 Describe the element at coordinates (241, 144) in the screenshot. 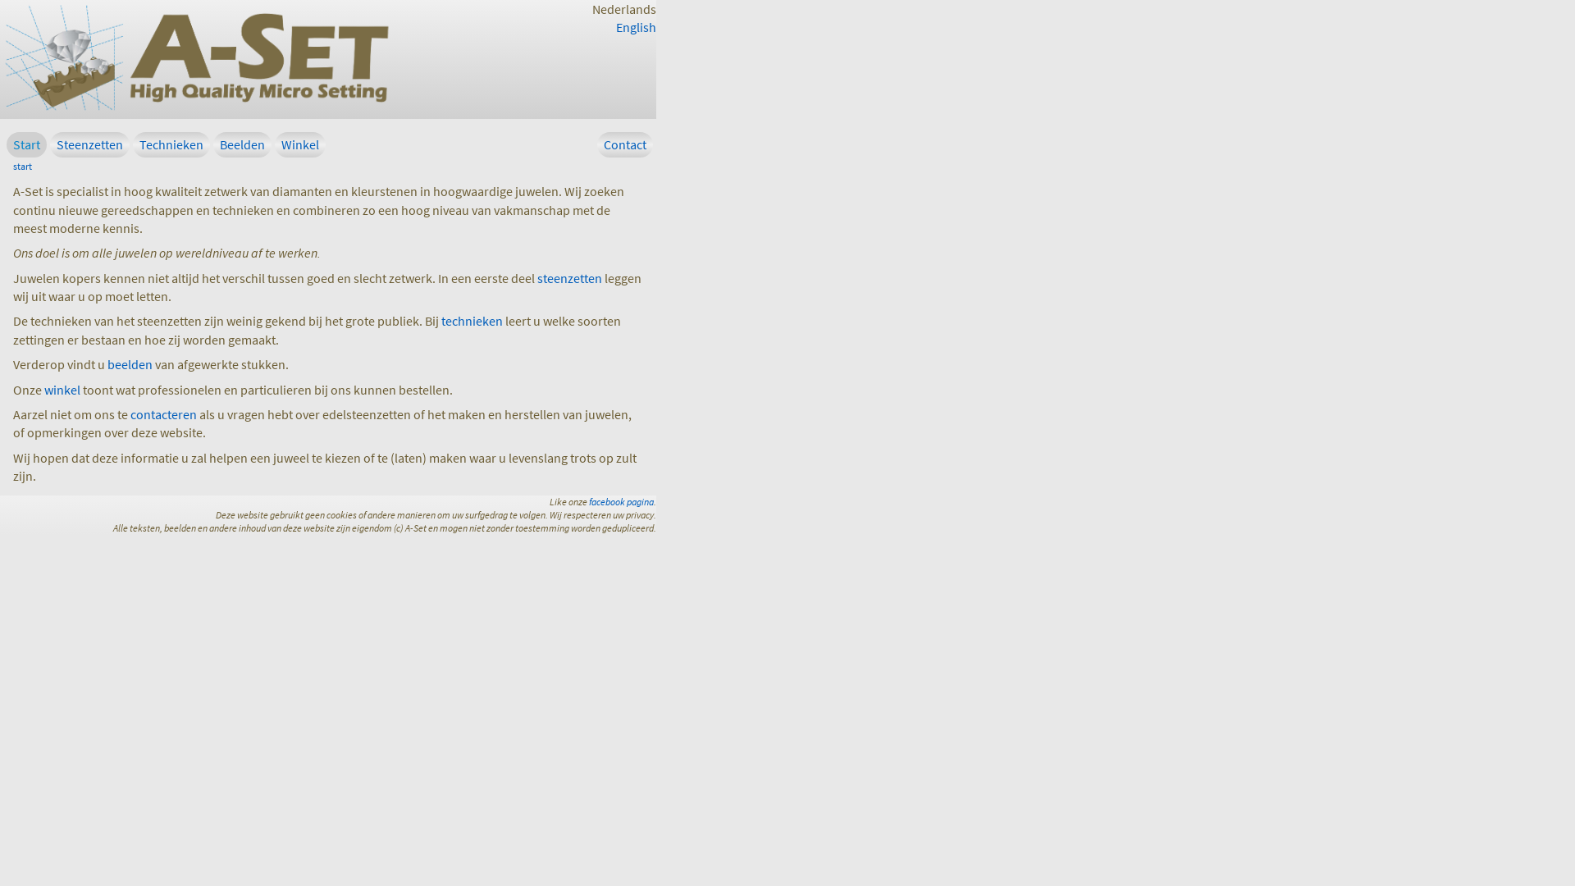

I see `'Beelden'` at that location.